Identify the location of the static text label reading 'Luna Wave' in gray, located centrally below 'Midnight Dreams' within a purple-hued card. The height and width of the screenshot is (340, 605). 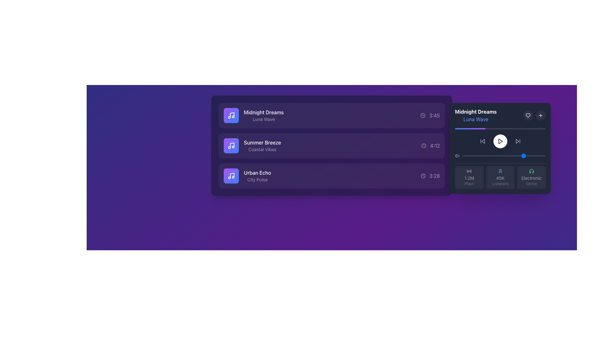
(264, 119).